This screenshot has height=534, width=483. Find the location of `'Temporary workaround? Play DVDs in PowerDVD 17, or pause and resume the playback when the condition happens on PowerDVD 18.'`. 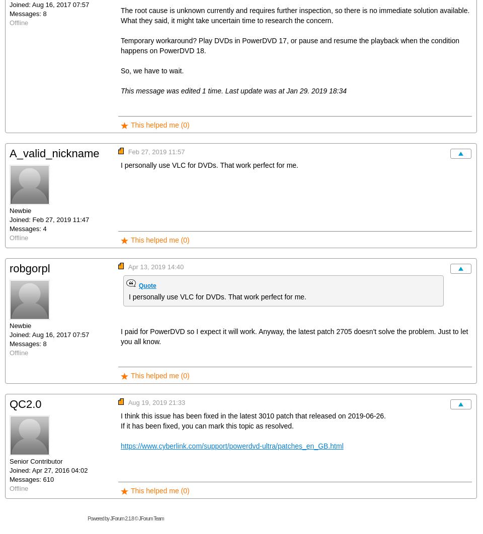

'Temporary workaround? Play DVDs in PowerDVD 17, or pause and resume the playback when the condition happens on PowerDVD 18.' is located at coordinates (121, 45).